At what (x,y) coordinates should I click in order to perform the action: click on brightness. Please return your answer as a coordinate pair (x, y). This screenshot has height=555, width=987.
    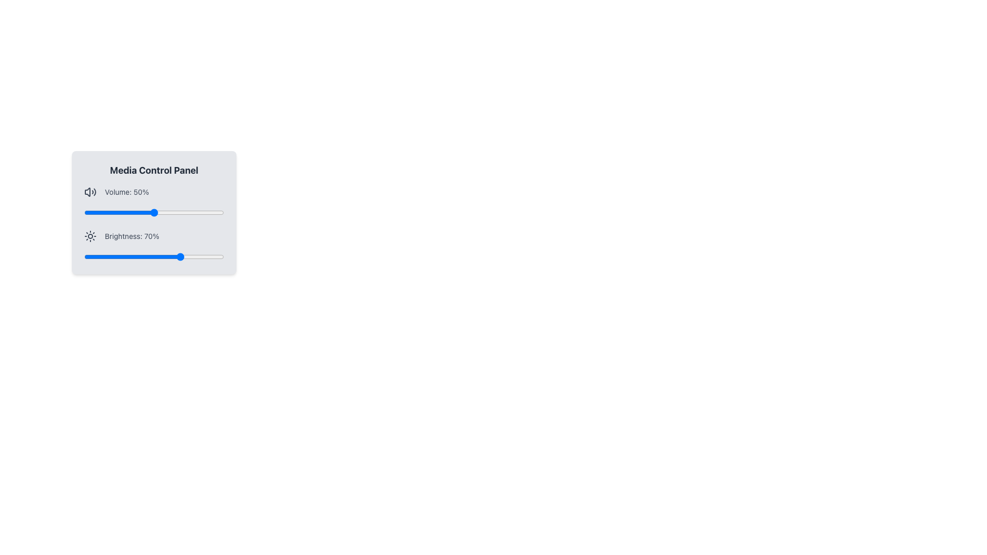
    Looking at the image, I should click on (178, 256).